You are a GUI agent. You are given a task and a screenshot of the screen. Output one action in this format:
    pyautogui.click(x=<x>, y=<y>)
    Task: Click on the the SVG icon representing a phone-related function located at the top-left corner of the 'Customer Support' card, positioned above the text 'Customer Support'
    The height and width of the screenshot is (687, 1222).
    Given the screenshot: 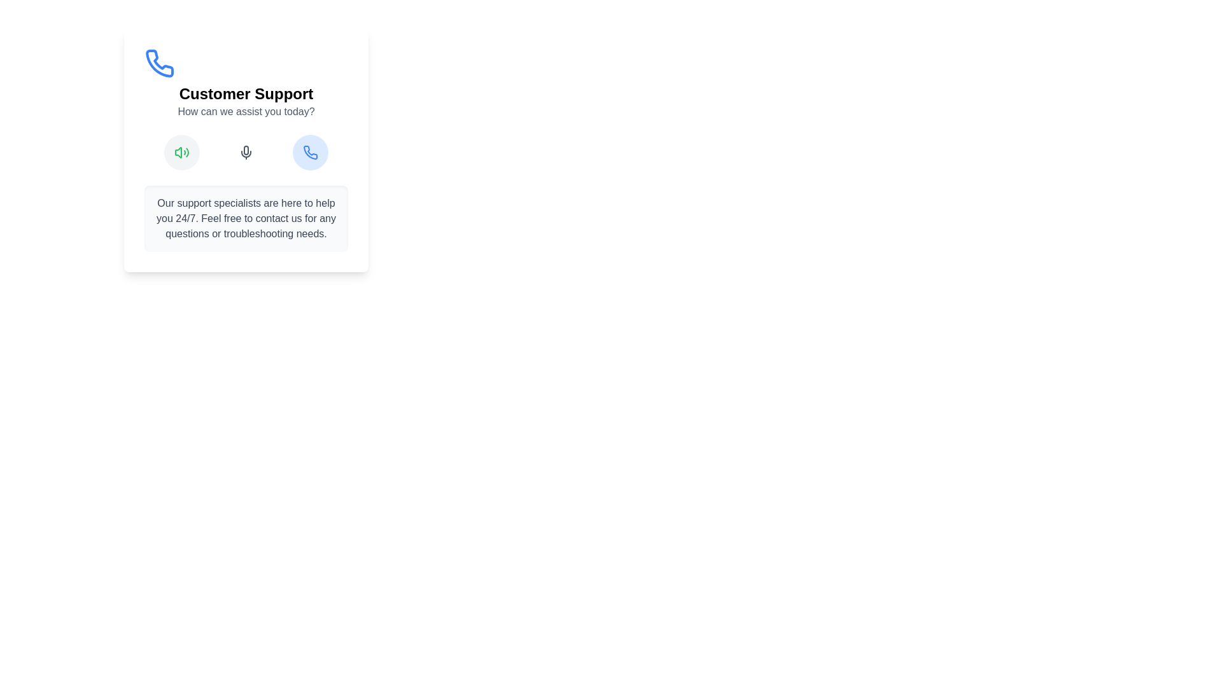 What is the action you would take?
    pyautogui.click(x=311, y=151)
    